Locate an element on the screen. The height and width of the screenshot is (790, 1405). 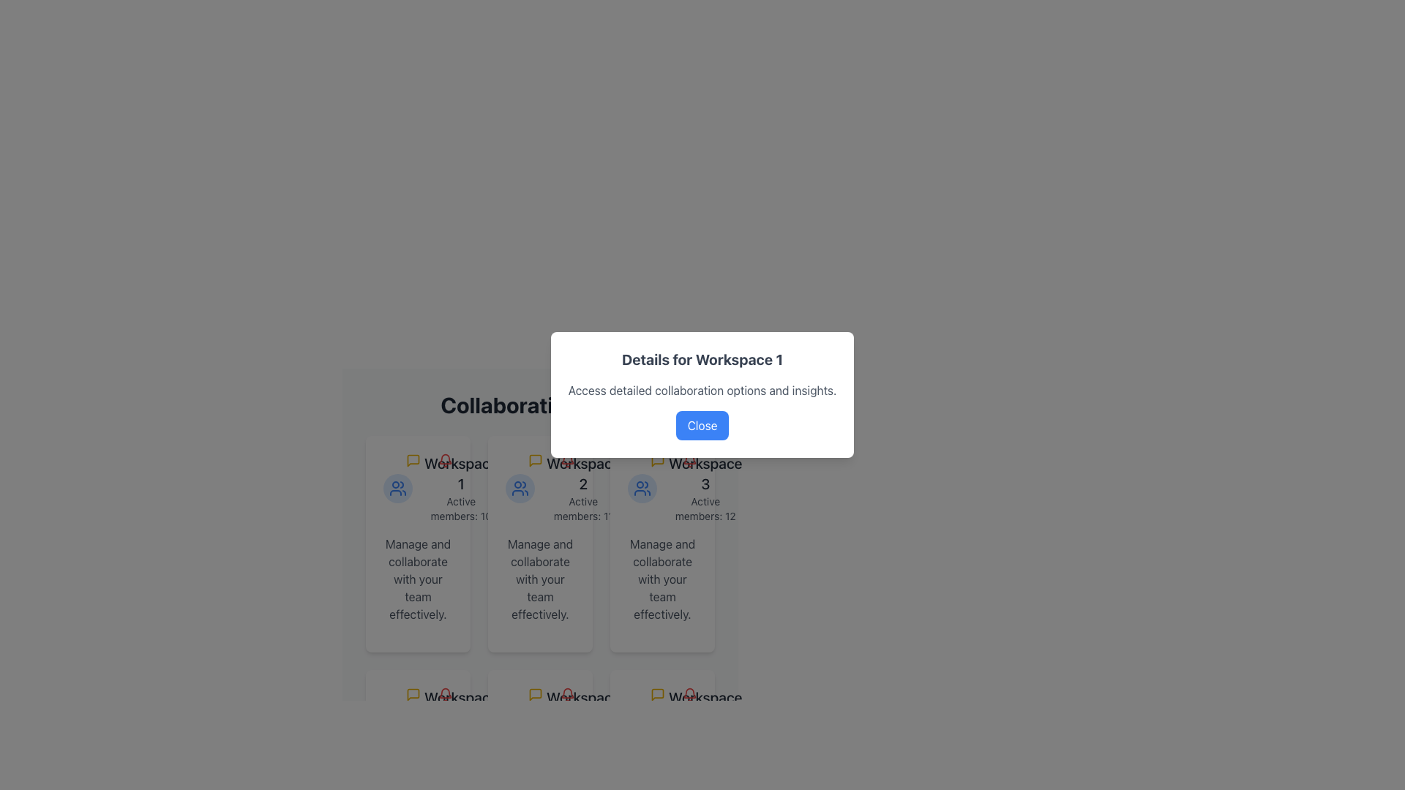
the yellow rounded speech bubble icon at the top-right of the modal is located at coordinates (413, 693).